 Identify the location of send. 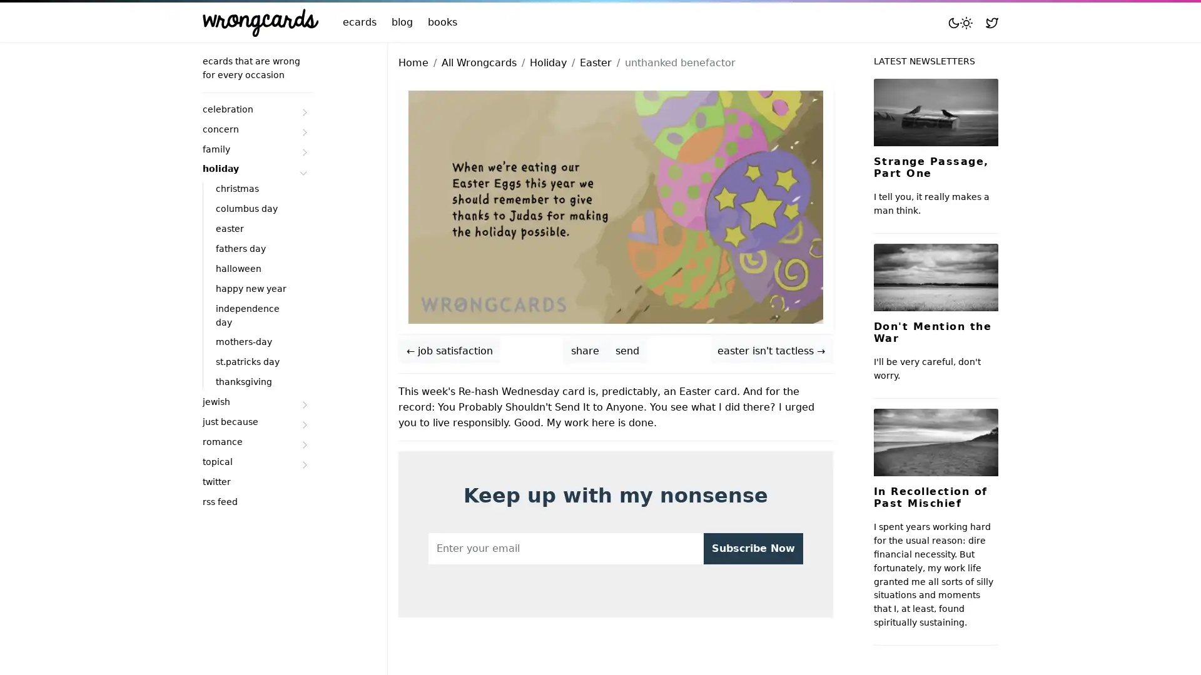
(627, 351).